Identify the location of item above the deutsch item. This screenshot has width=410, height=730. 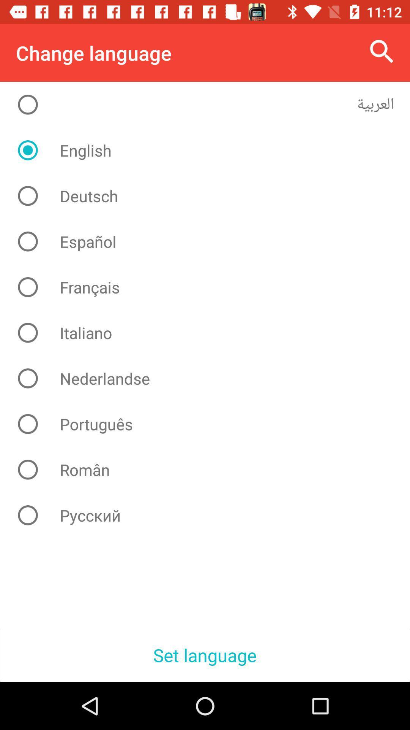
(211, 150).